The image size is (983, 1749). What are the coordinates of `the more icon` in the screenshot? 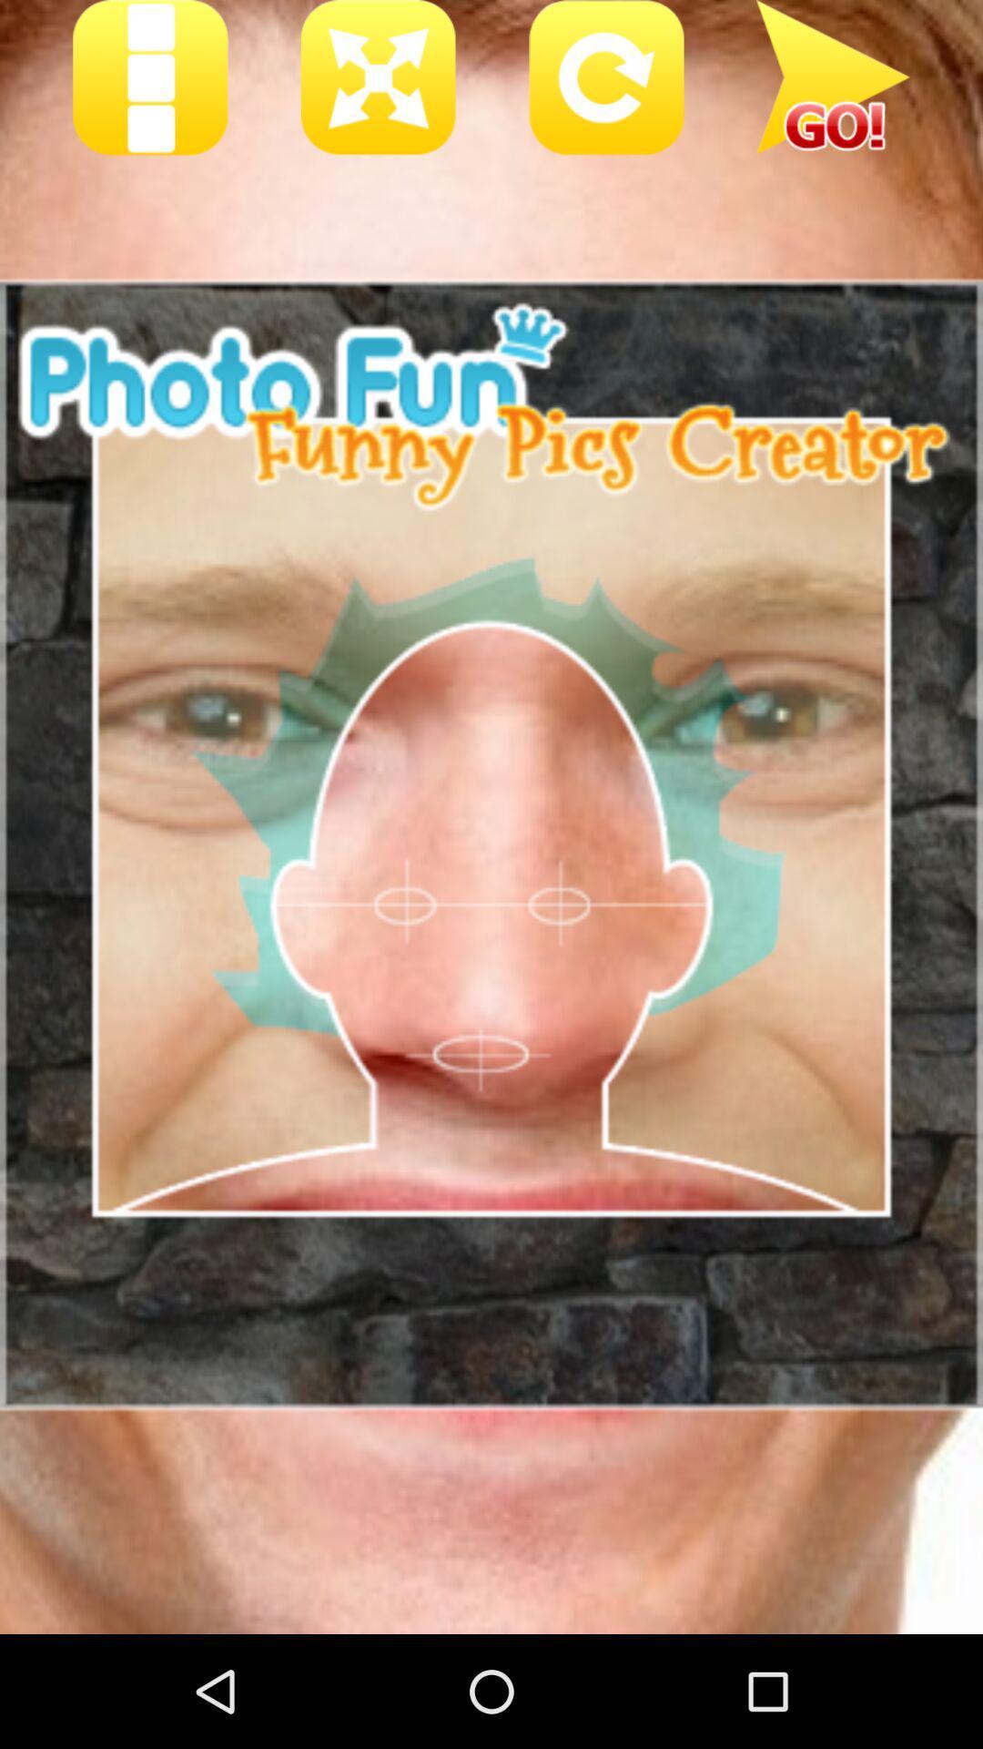 It's located at (149, 82).